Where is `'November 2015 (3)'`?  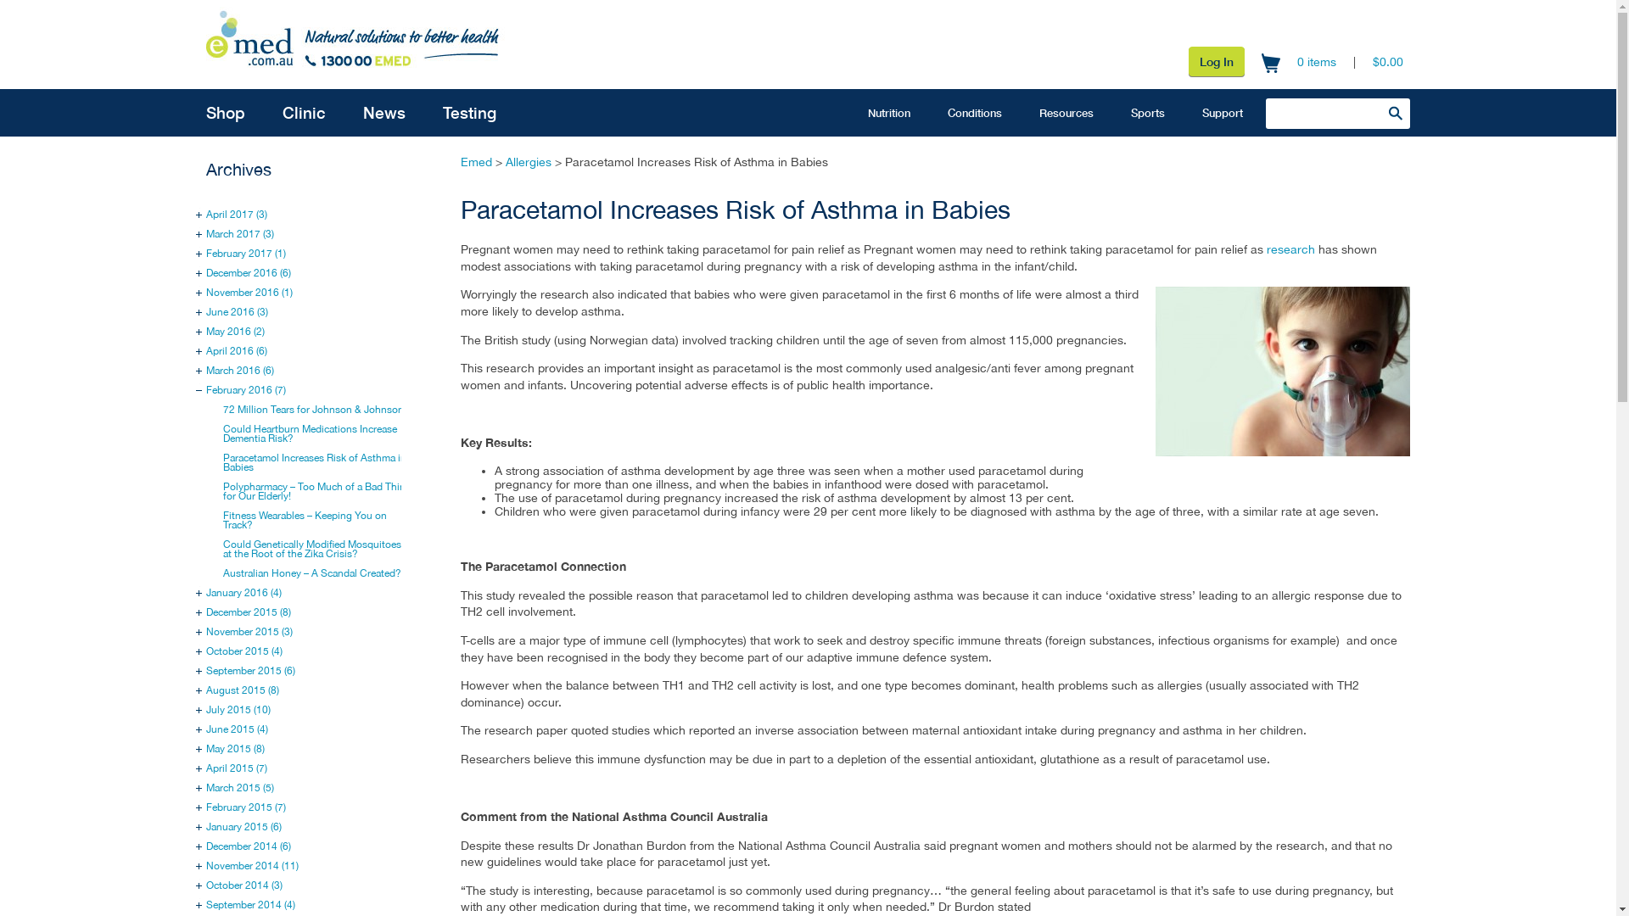 'November 2015 (3)' is located at coordinates (248, 631).